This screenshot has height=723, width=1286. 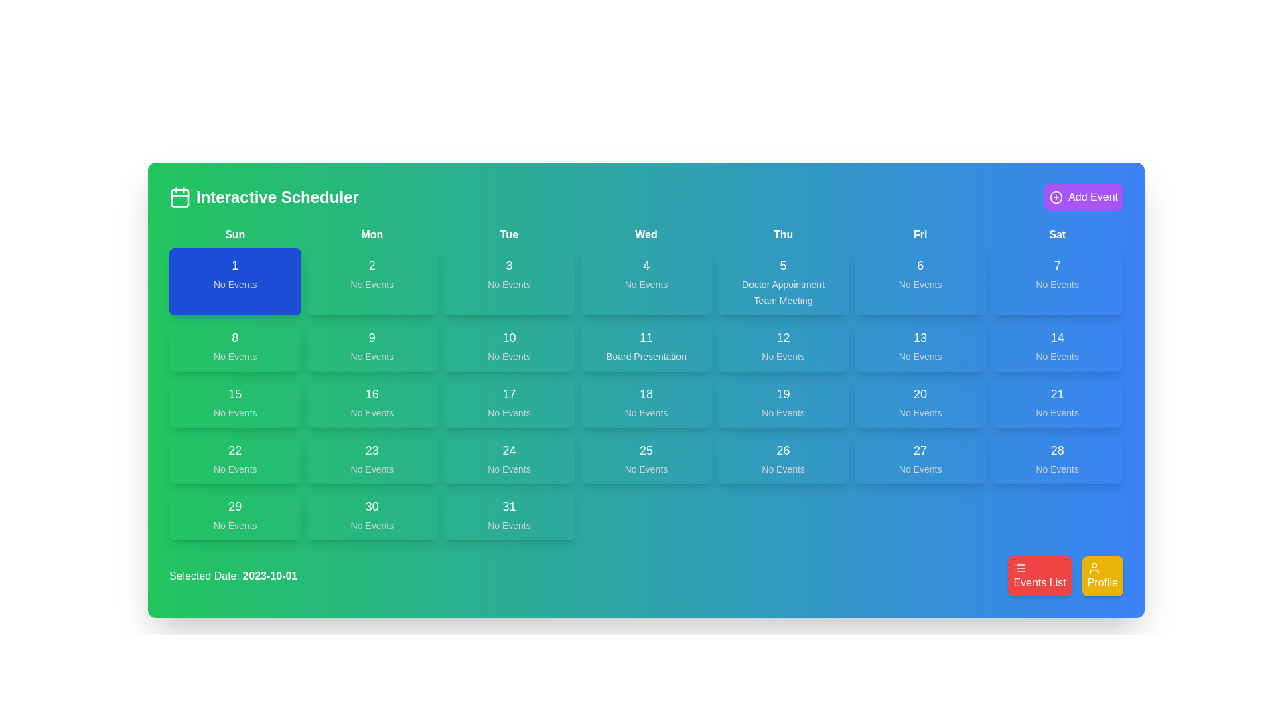 What do you see at coordinates (920, 458) in the screenshot?
I see `the interactive calendar day cell representing the 27th day of the month` at bounding box center [920, 458].